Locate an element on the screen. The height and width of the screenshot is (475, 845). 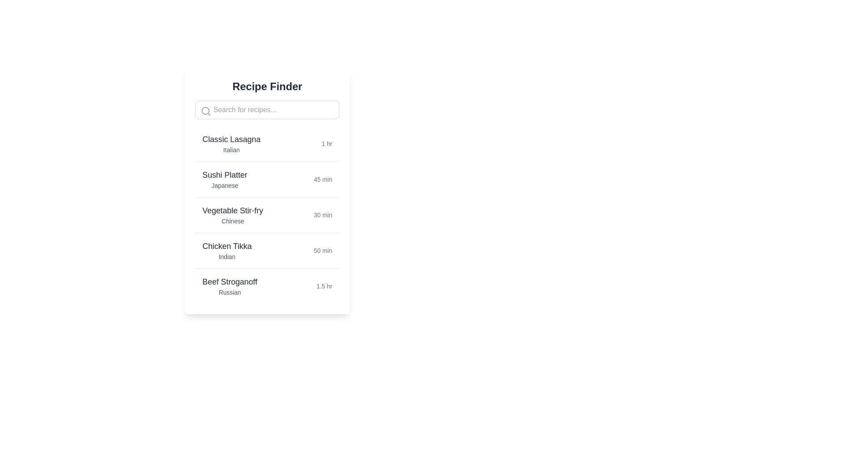
'Classic Lasagna' text label consisting of two lines, where the first line is 'Classic Lasagna' in a bold font and the second line is 'Italian' in a lighter gray font, located in the Recipe Finder interface is located at coordinates (231, 143).